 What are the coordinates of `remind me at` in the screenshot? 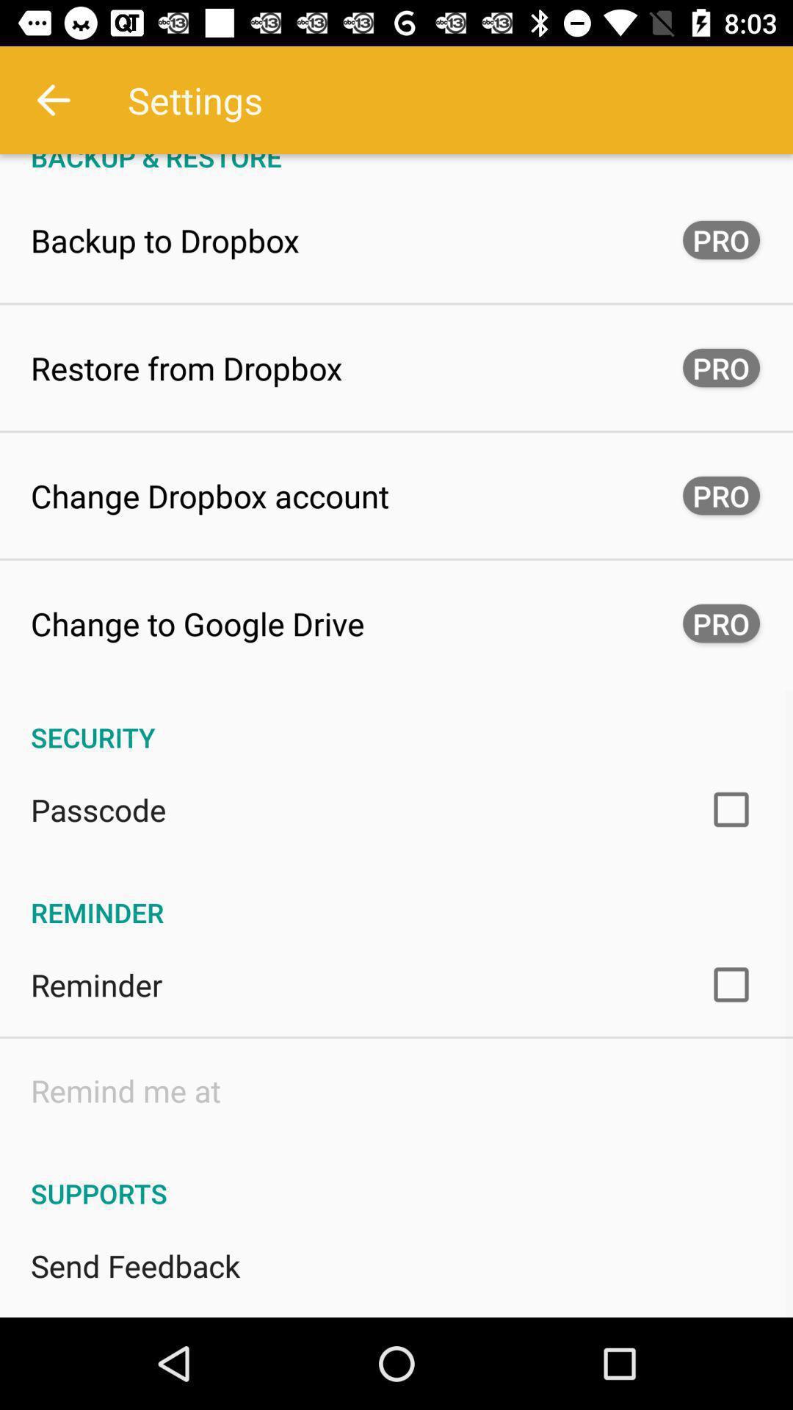 It's located at (125, 1090).